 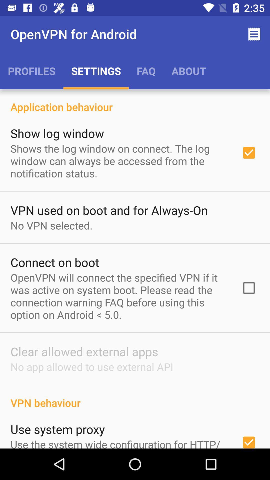 What do you see at coordinates (31, 70) in the screenshot?
I see `icon below the openvpn for android icon` at bounding box center [31, 70].